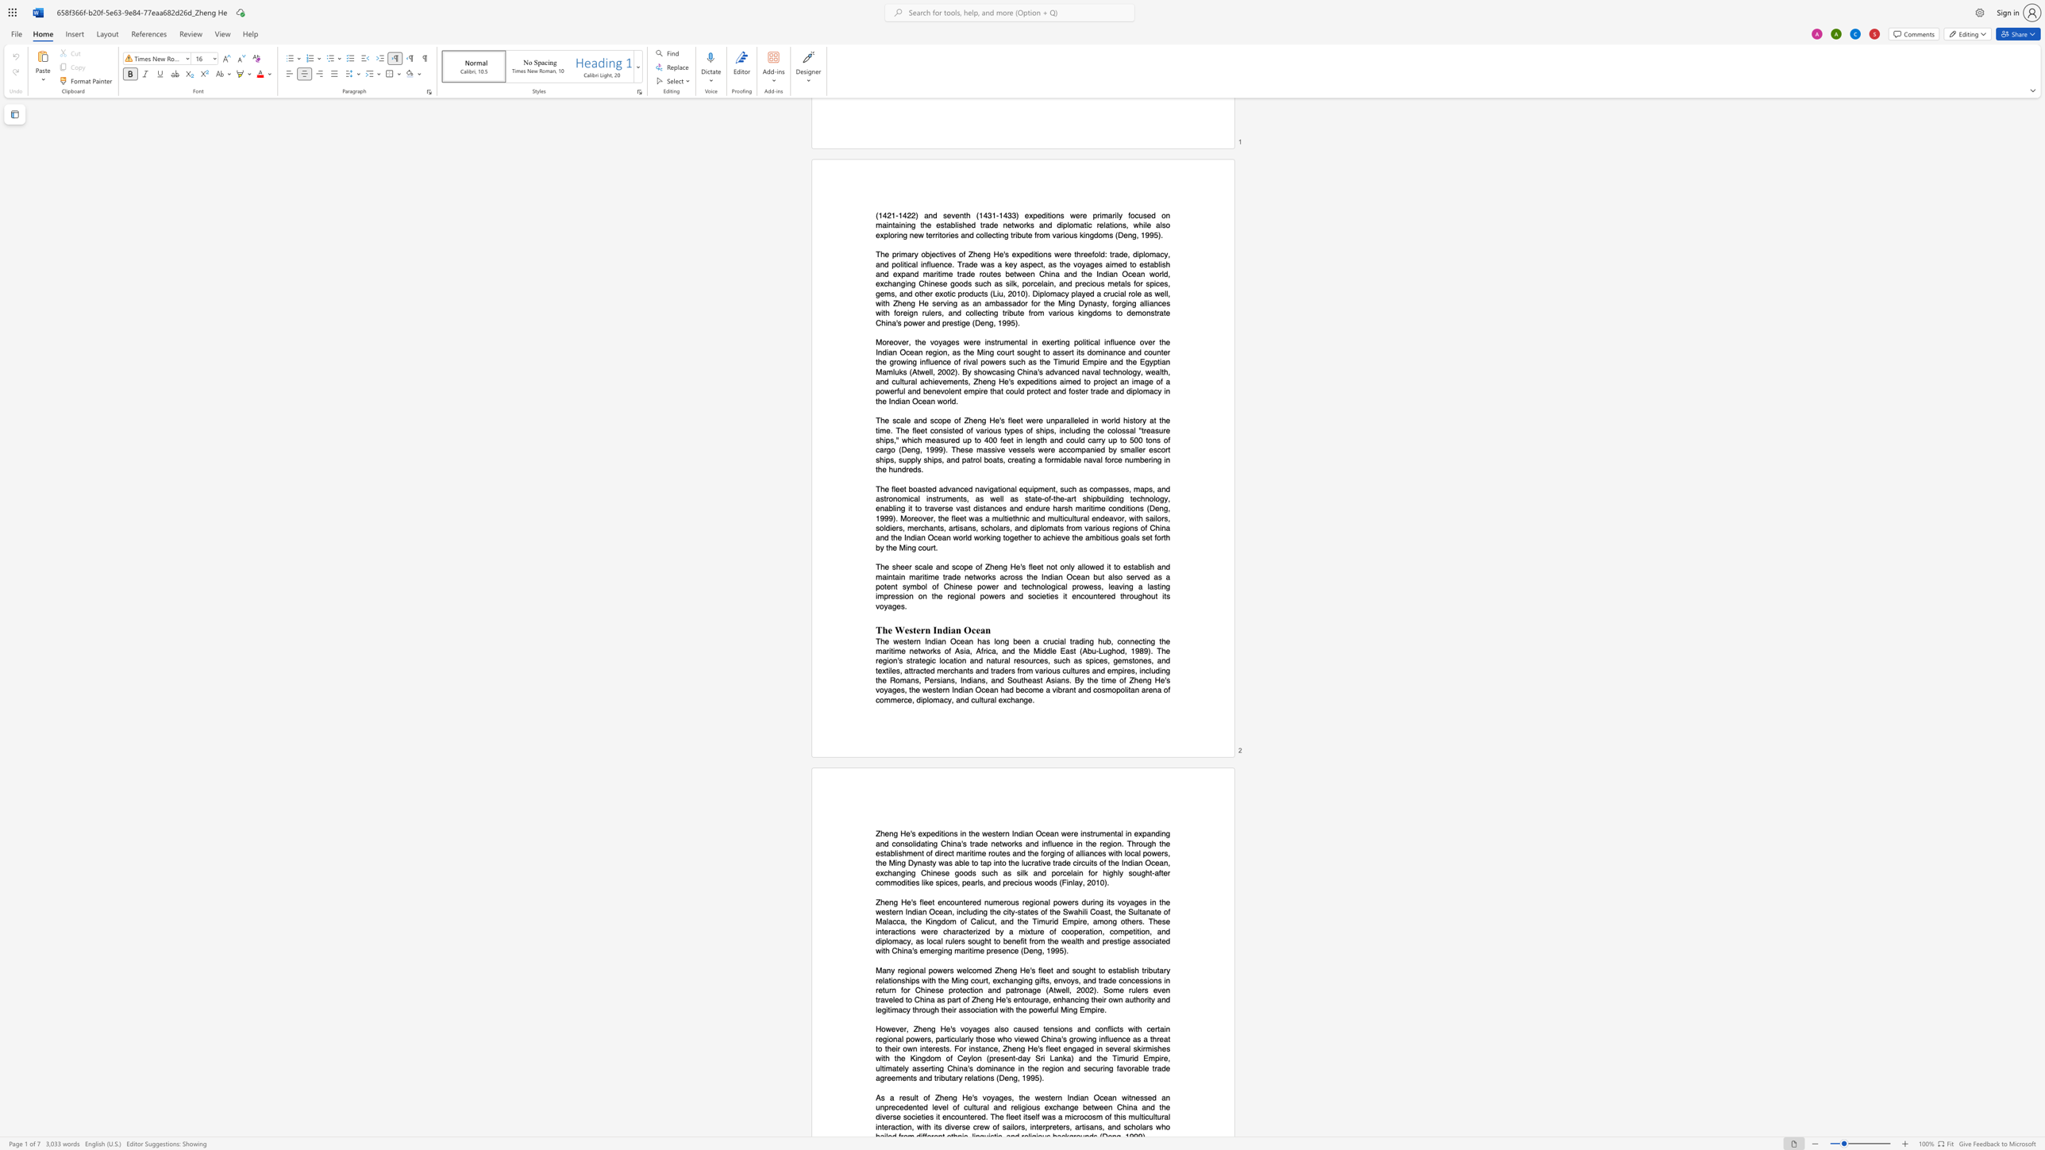 Image resolution: width=2045 pixels, height=1150 pixels. What do you see at coordinates (885, 1058) in the screenshot?
I see `the subset text "h the Kingdom of Ceylon (present-day Sri Lank" within the text "However, Zheng He"` at bounding box center [885, 1058].